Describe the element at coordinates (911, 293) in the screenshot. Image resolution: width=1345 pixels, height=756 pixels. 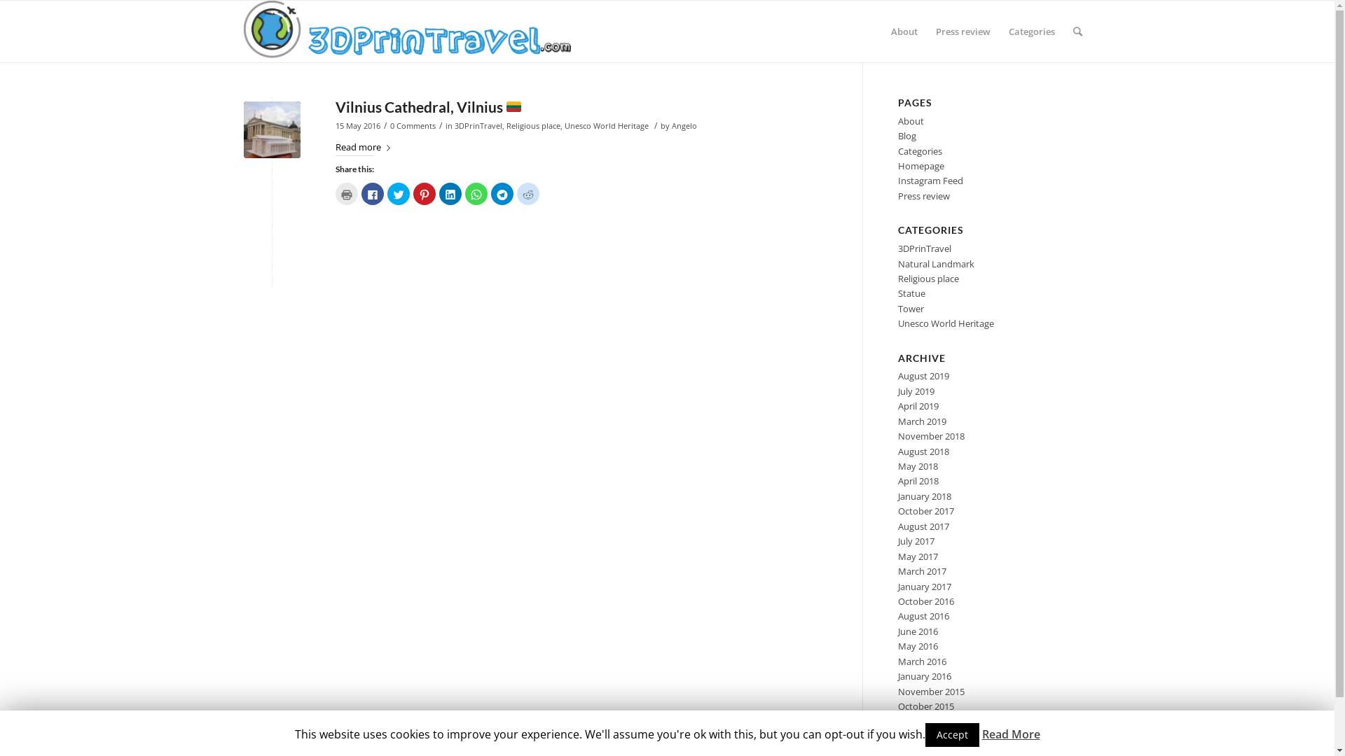
I see `'Statue'` at that location.